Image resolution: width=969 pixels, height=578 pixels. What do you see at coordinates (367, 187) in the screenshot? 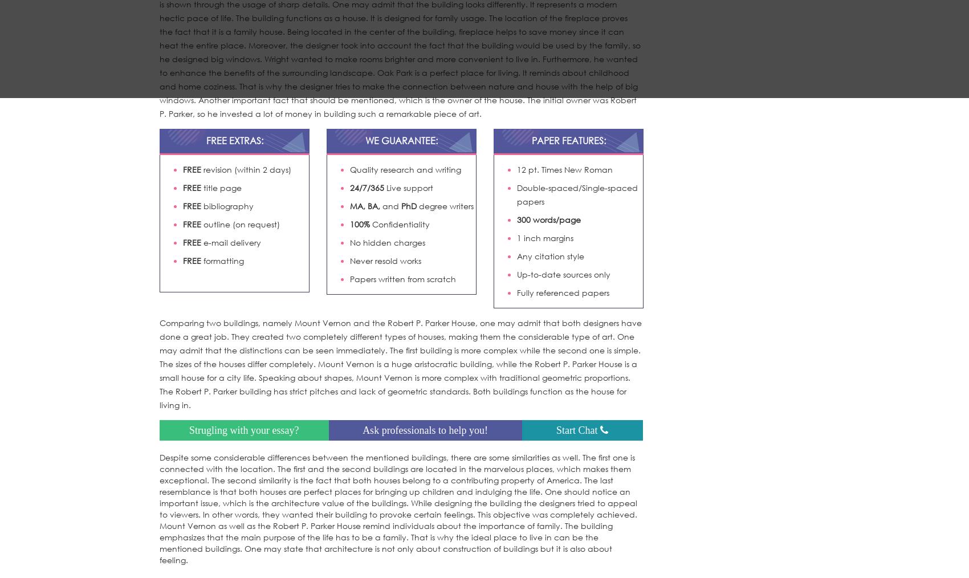
I see `'24/7/365'` at bounding box center [367, 187].